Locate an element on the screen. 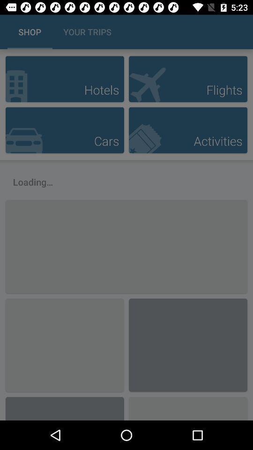  see activities is located at coordinates (188, 129).